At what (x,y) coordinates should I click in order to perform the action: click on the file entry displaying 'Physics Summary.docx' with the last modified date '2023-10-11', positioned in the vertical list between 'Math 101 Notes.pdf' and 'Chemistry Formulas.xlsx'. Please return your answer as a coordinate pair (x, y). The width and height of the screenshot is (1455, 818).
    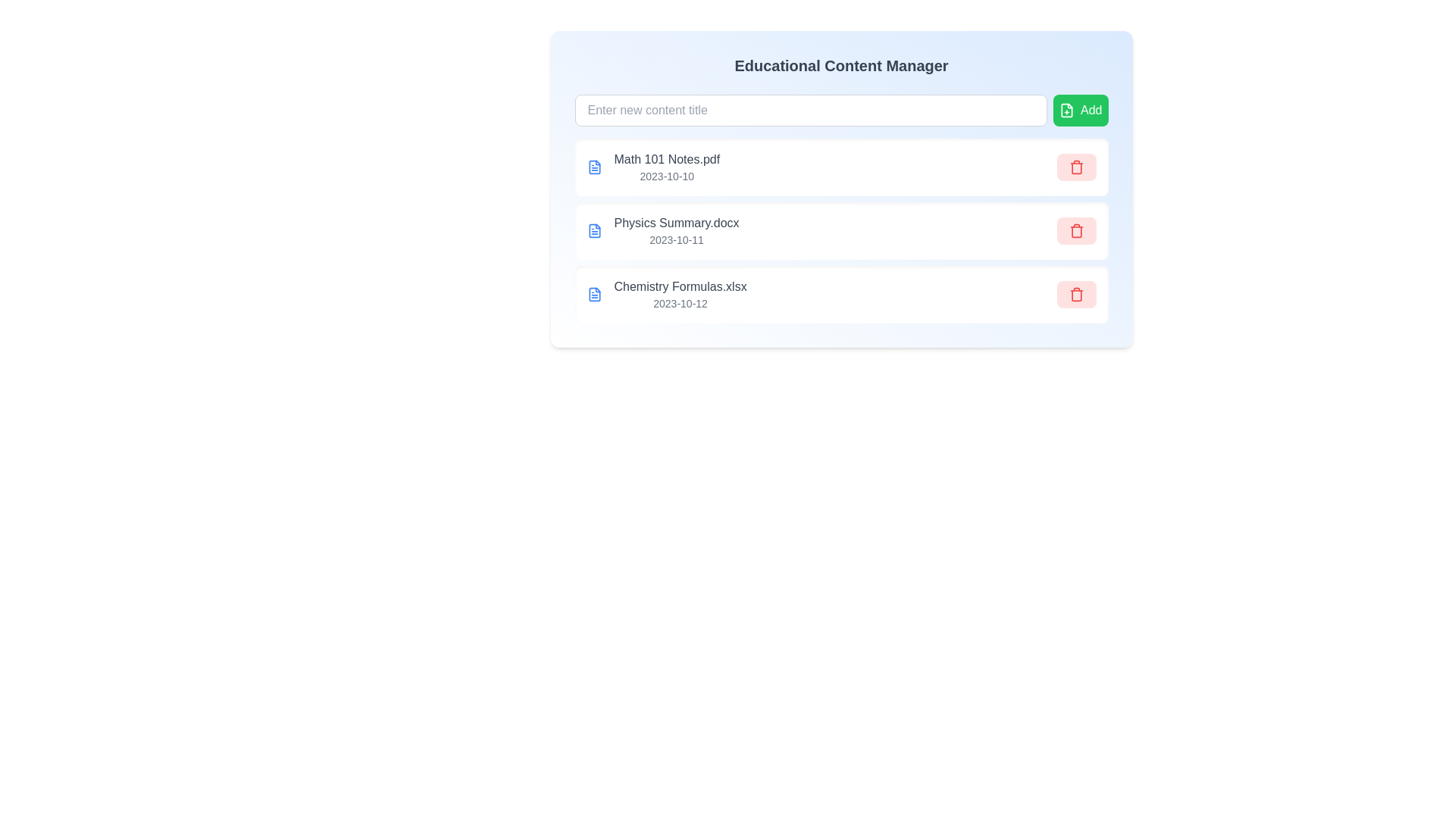
    Looking at the image, I should click on (662, 230).